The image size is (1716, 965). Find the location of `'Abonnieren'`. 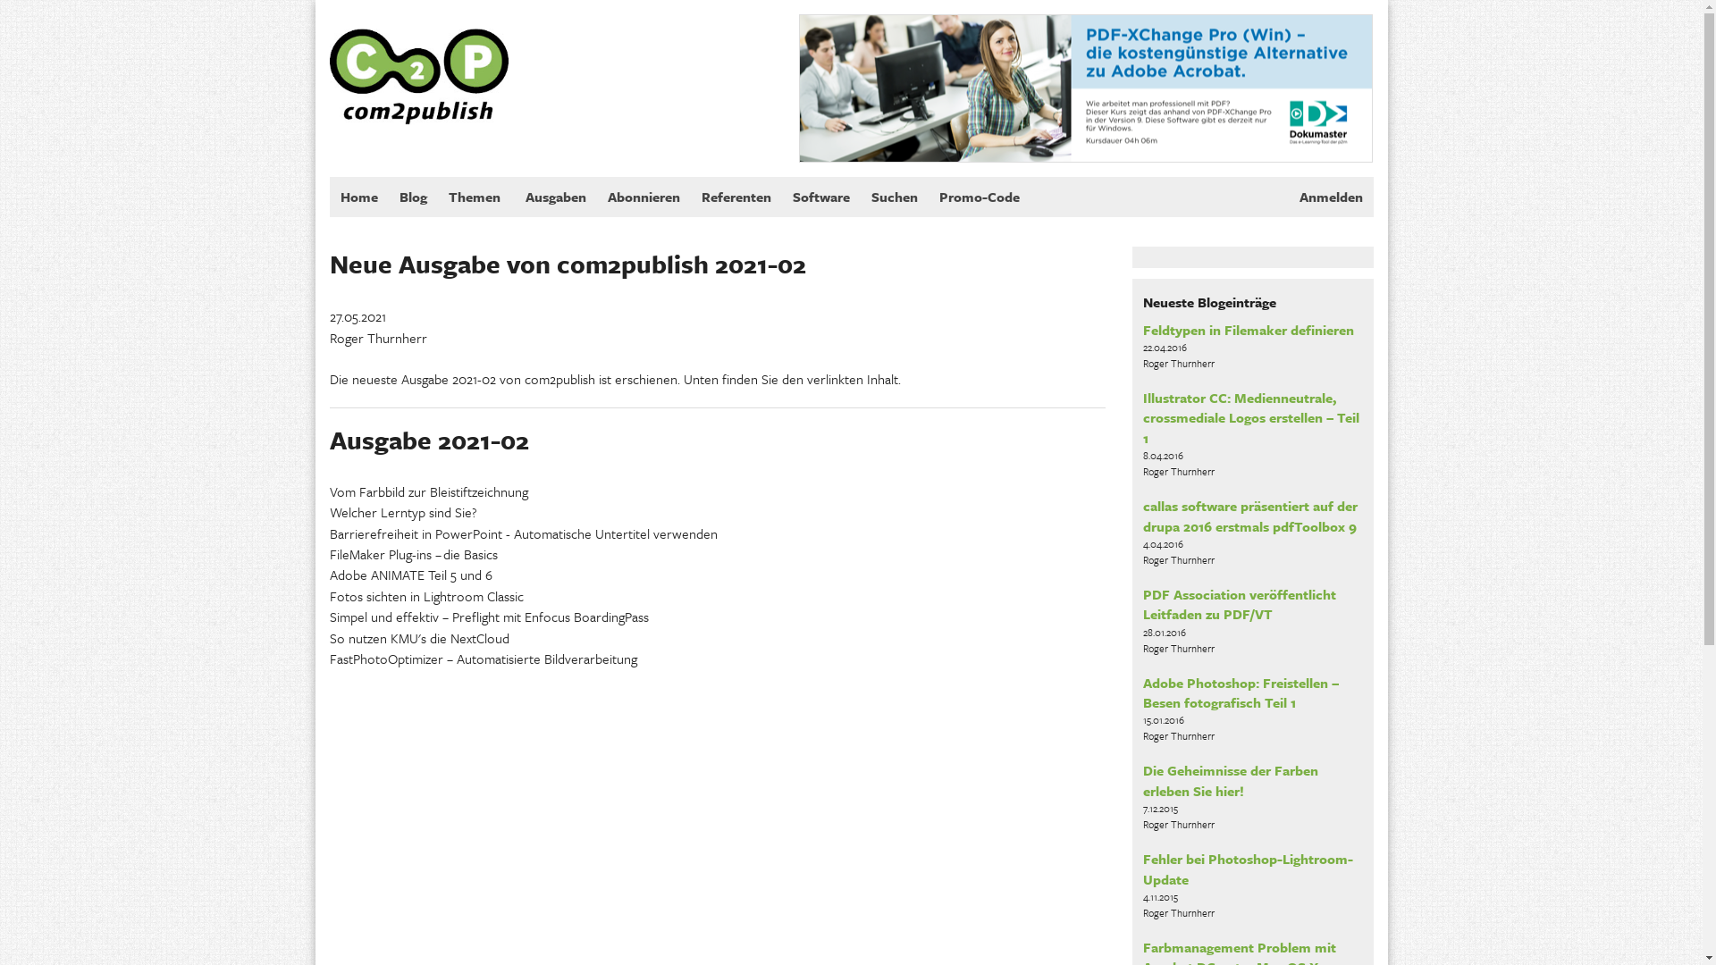

'Abonnieren' is located at coordinates (643, 197).